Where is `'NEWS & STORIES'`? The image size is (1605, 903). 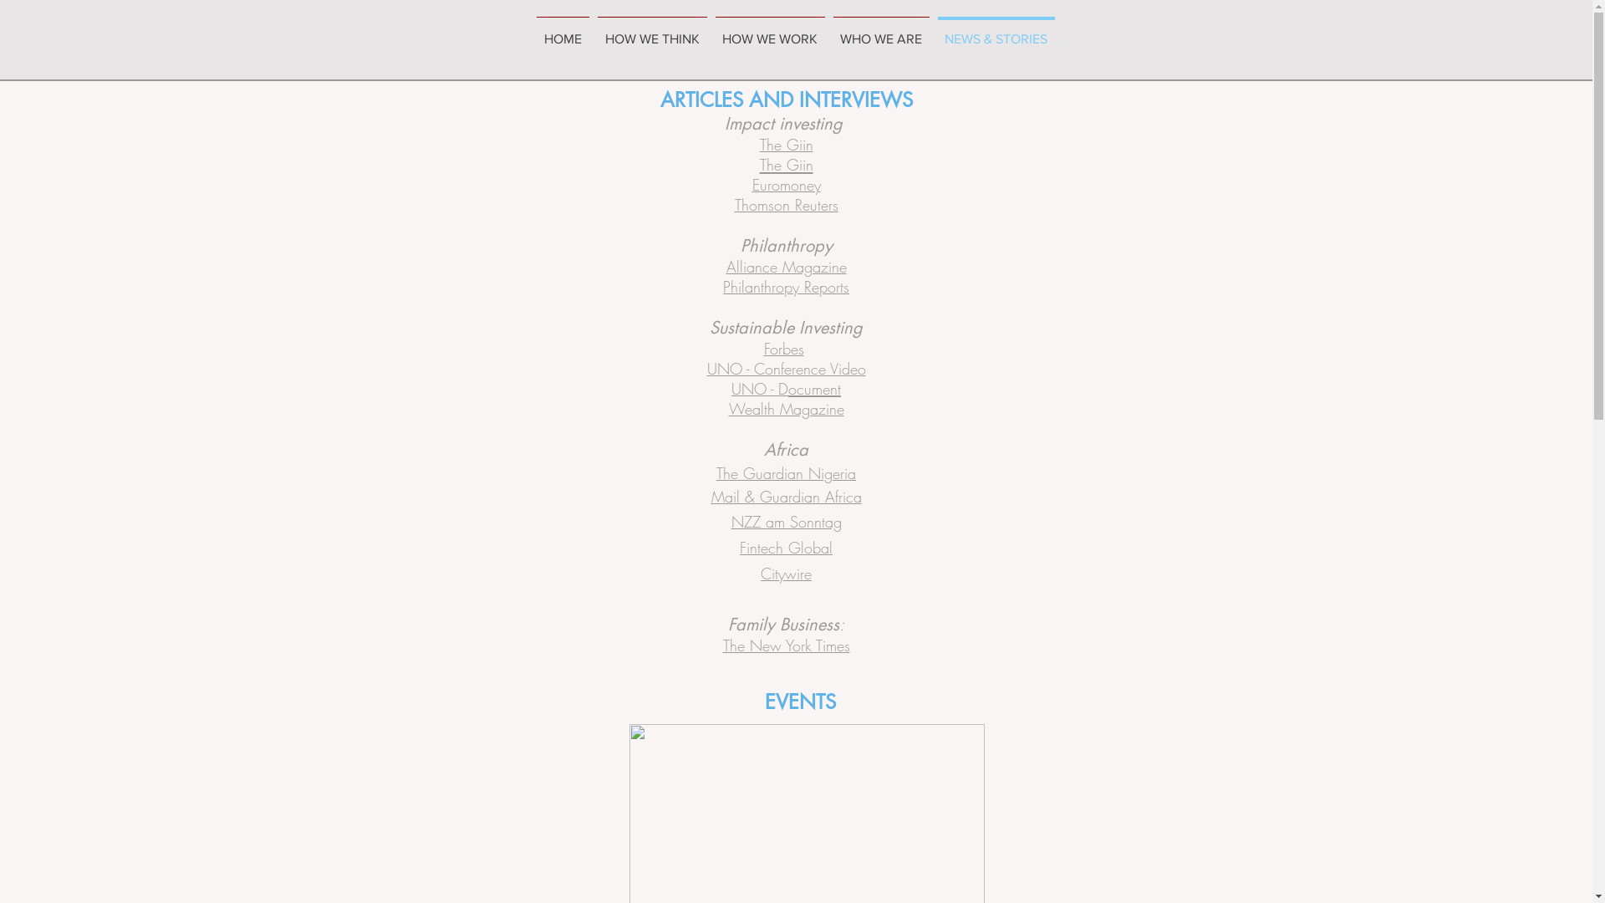 'NEWS & STORIES' is located at coordinates (995, 32).